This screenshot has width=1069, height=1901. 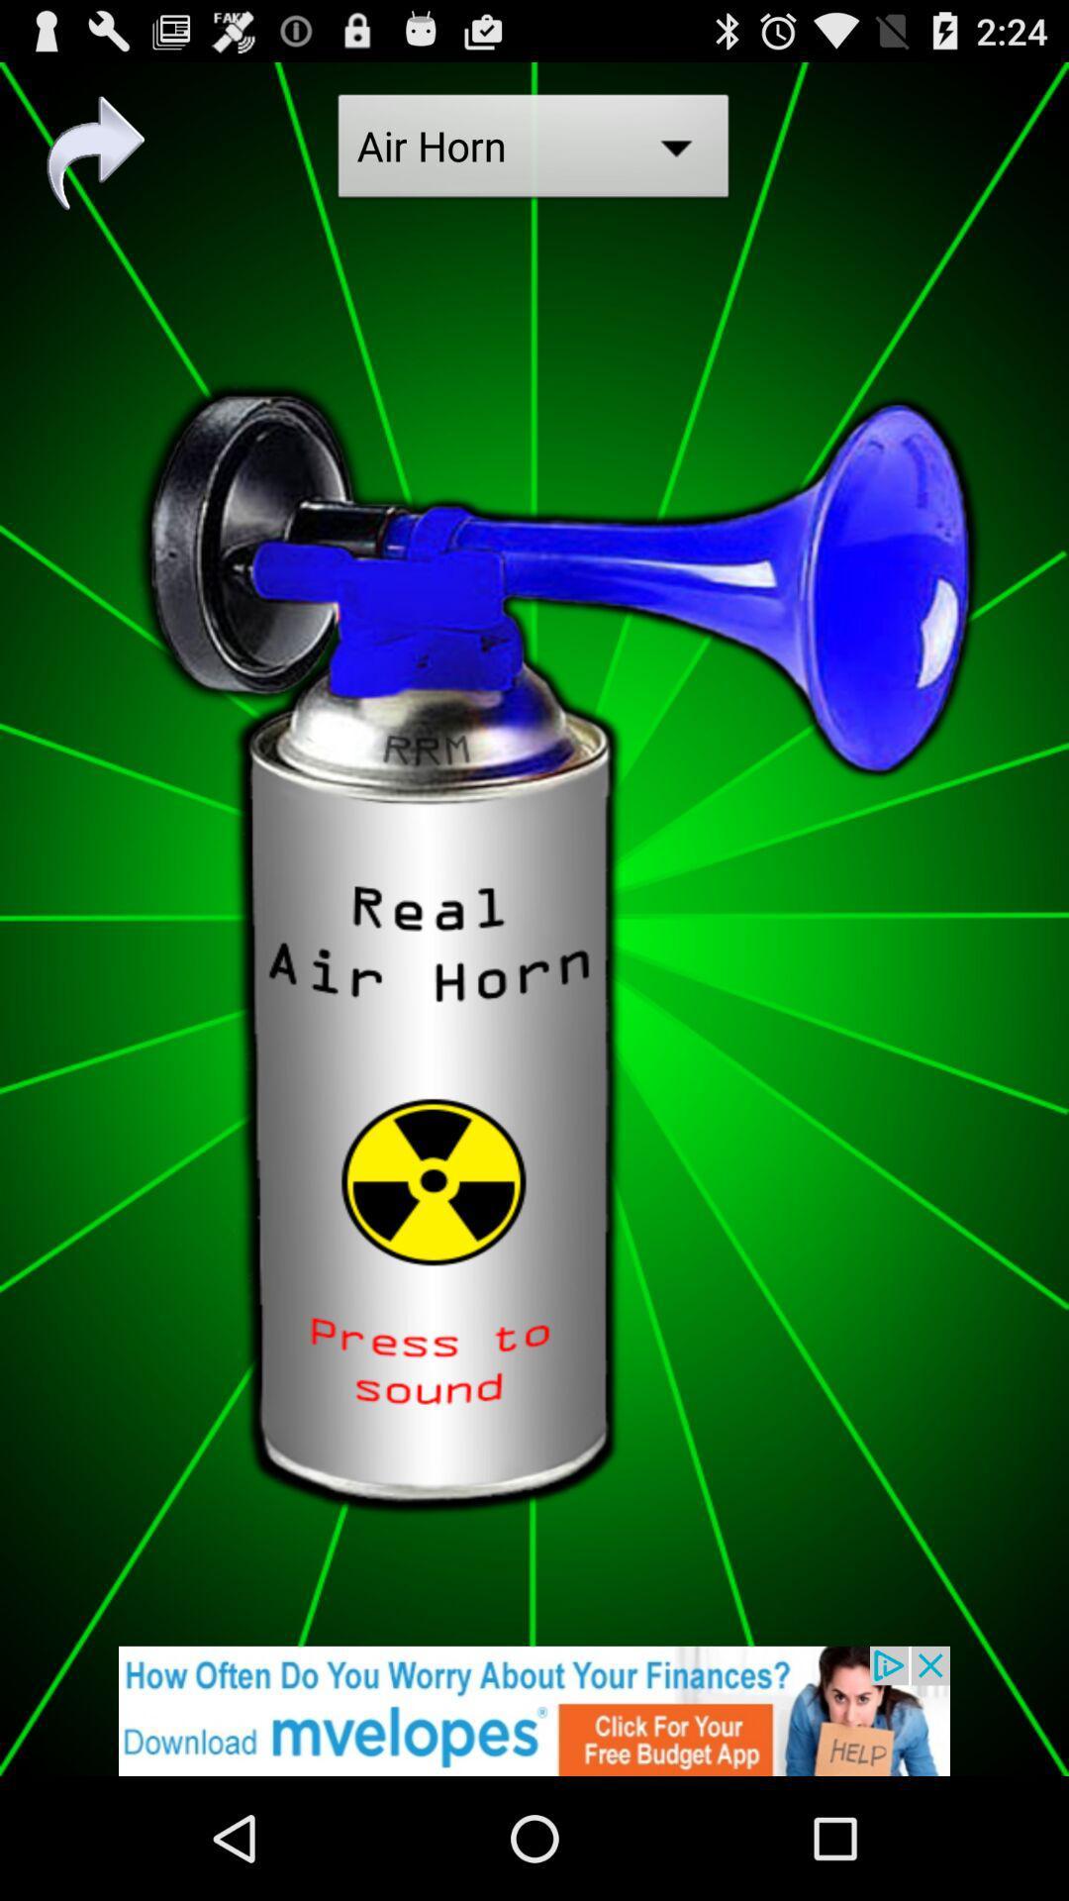 What do you see at coordinates (534, 1710) in the screenshot?
I see `click on advertisement` at bounding box center [534, 1710].